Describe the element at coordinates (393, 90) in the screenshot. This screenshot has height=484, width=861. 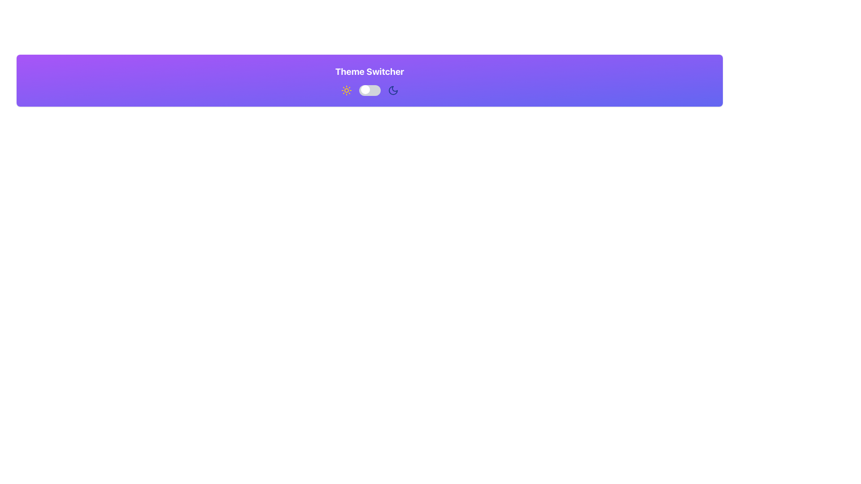
I see `the dark mode icon located in the header bar, which is the third icon in a horizontal row, positioned to the right of a toggle switch` at that location.